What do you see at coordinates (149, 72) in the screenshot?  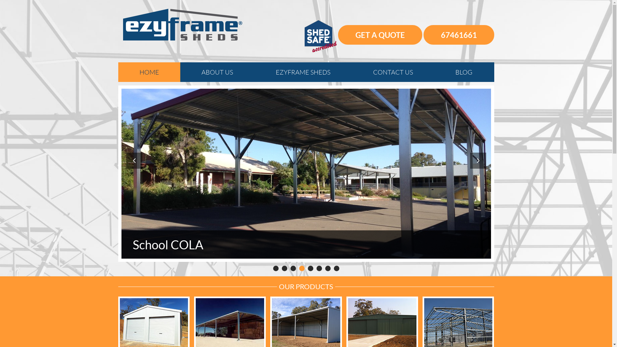 I see `'HOME'` at bounding box center [149, 72].